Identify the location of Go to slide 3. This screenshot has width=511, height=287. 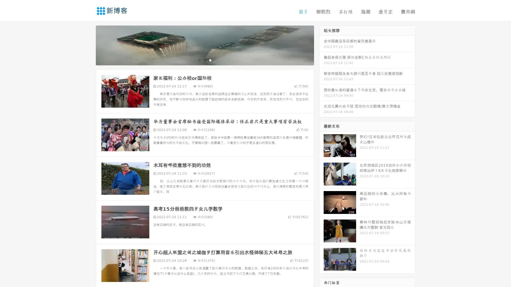
(210, 60).